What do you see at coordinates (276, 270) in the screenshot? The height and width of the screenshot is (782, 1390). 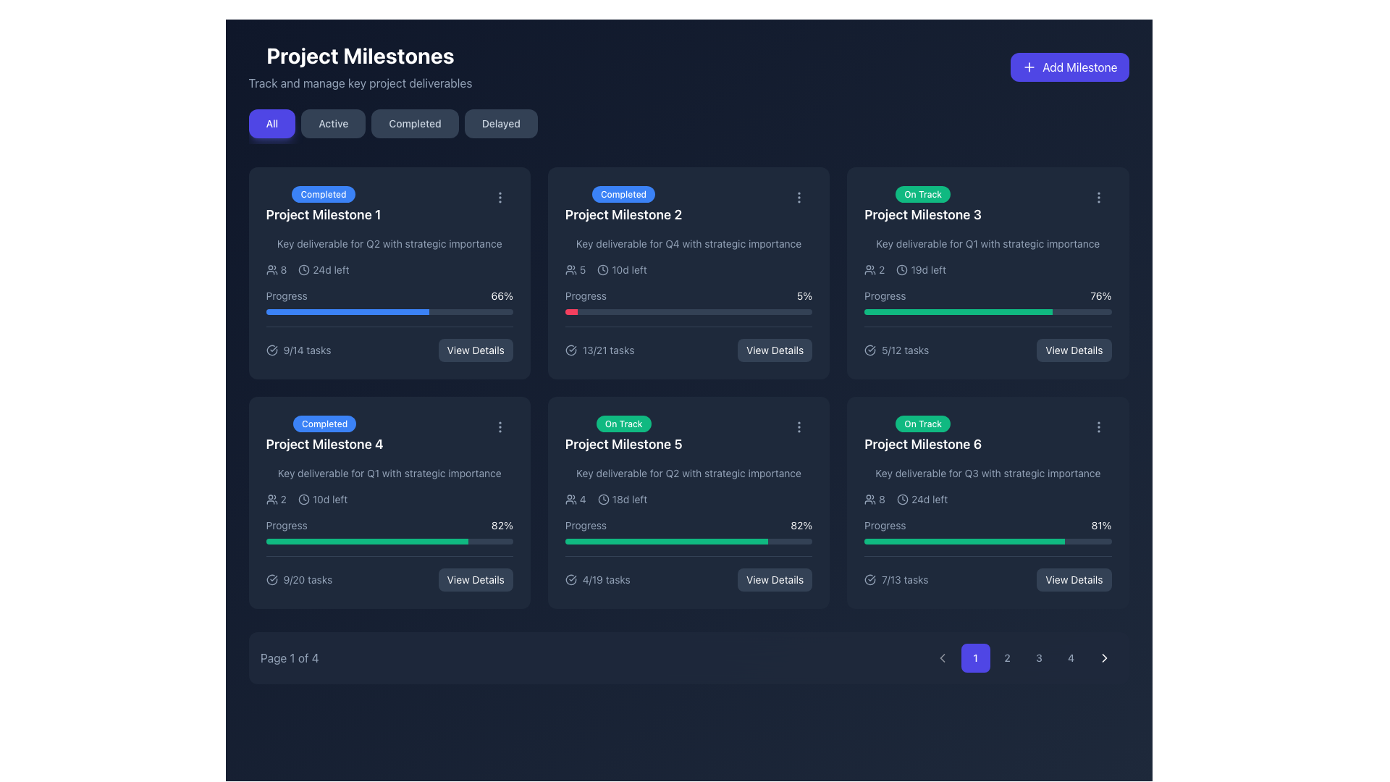 I see `the icon and text combination indicating the number of individuals associated with 'Project Milestone 1' located at the top-left section of the interface` at bounding box center [276, 270].